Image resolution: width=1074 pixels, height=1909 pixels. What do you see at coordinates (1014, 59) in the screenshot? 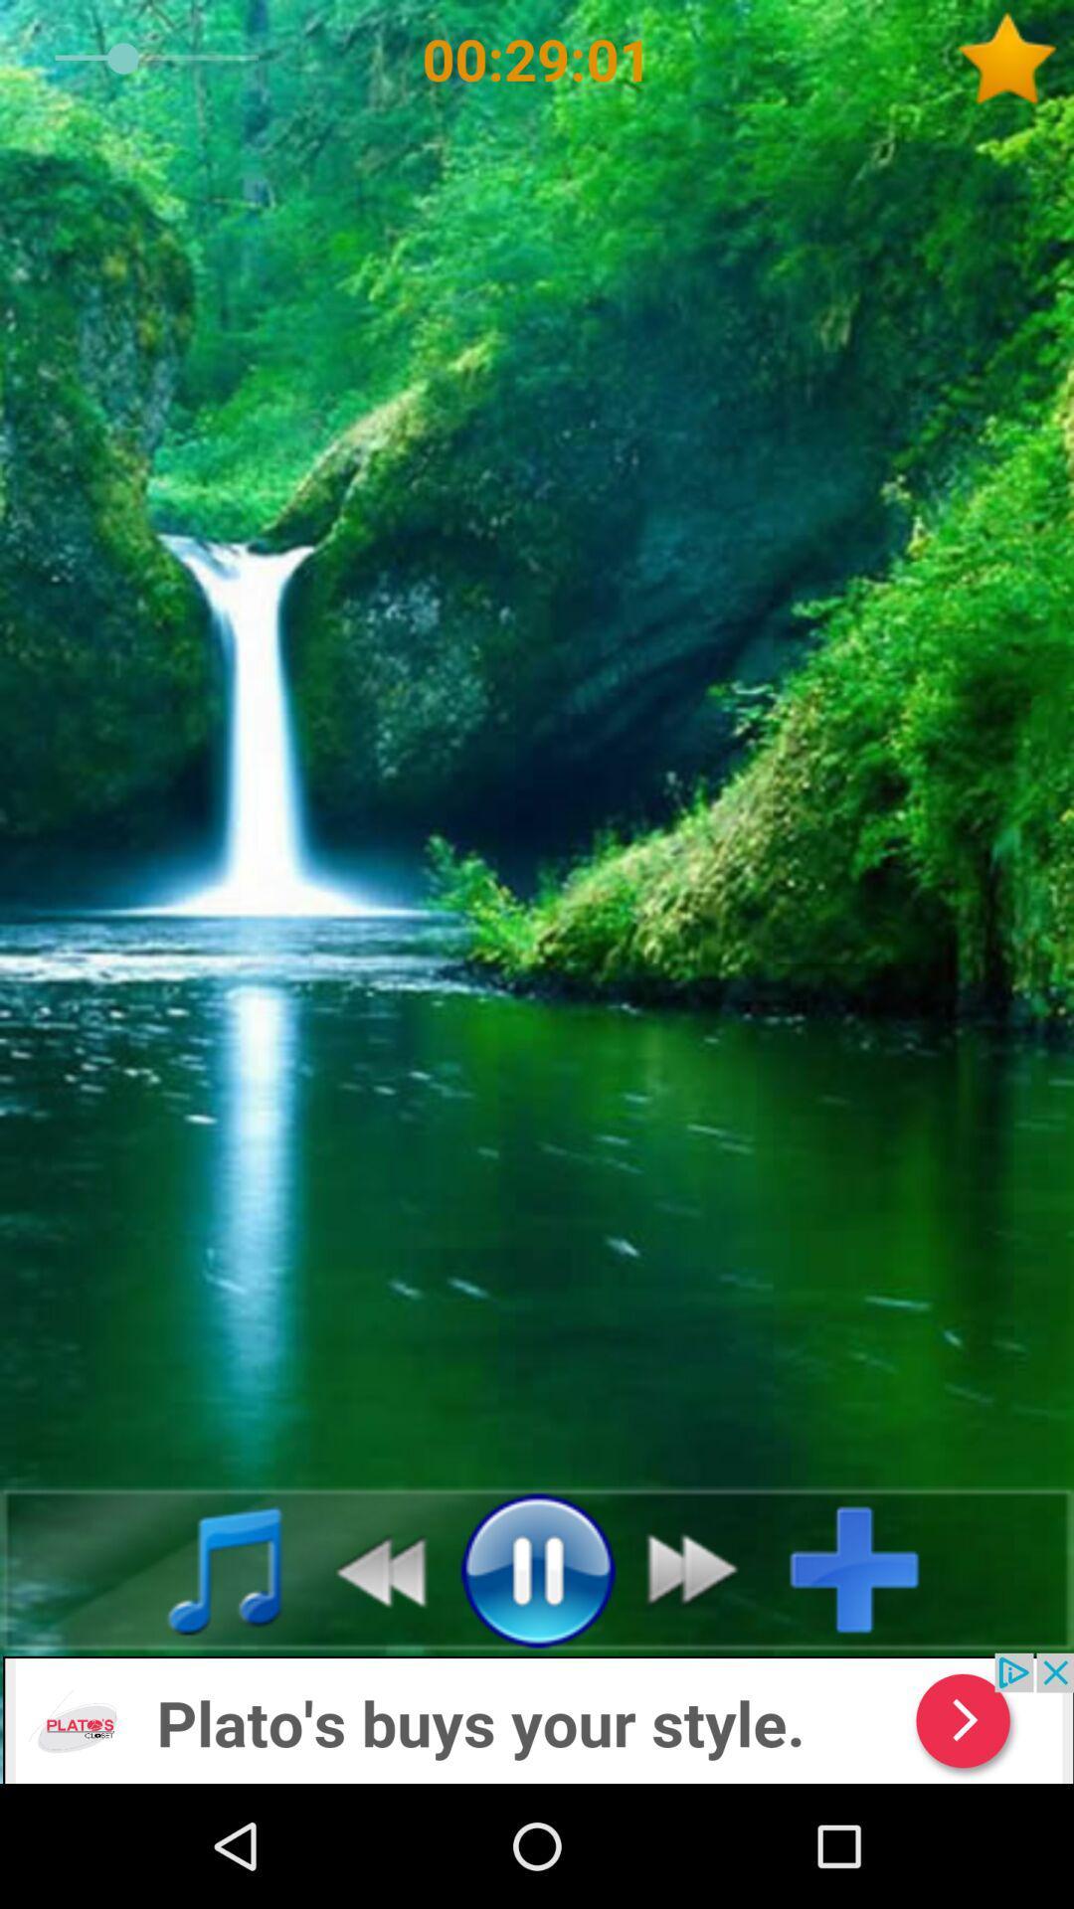
I see `star this picture` at bounding box center [1014, 59].